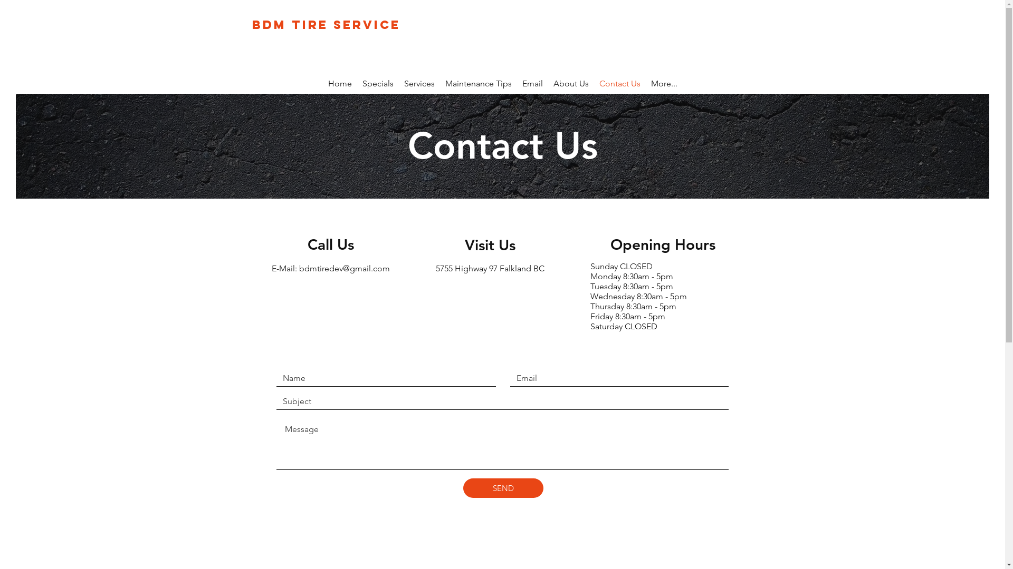 This screenshot has width=1013, height=569. I want to click on 'E-Mail: bdmtiredev@gmail.com', so click(271, 268).